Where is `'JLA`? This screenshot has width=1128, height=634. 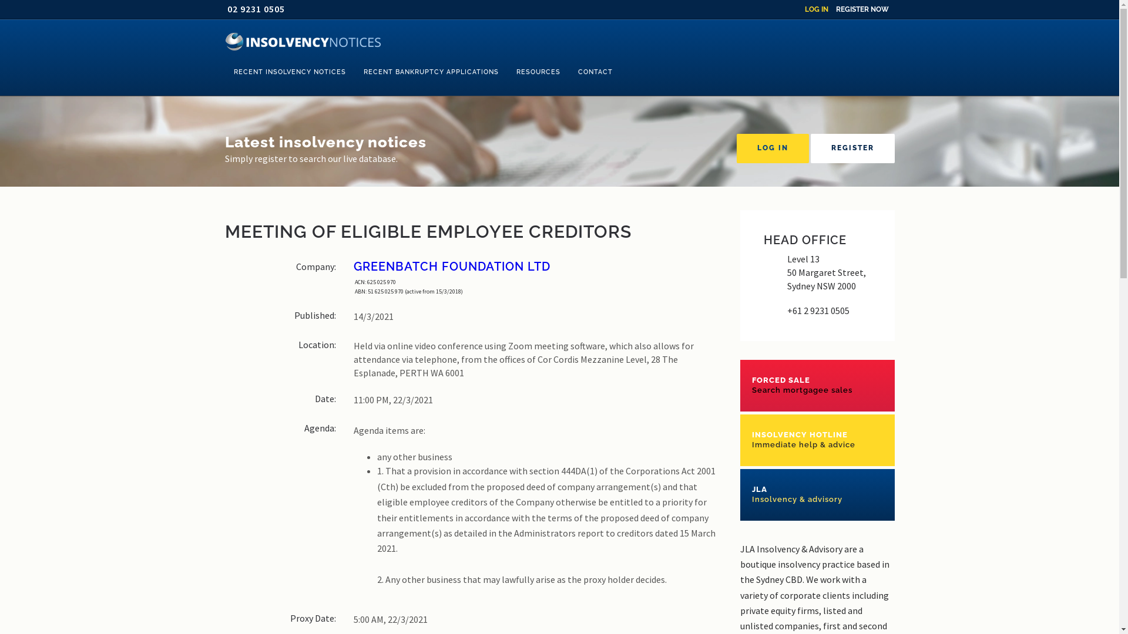 'JLA is located at coordinates (817, 495).